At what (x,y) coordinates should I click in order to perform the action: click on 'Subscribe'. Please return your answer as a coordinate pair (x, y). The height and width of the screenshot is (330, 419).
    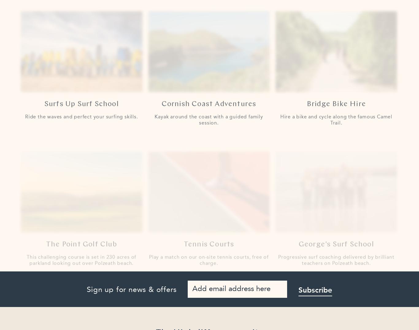
    Looking at the image, I should click on (314, 290).